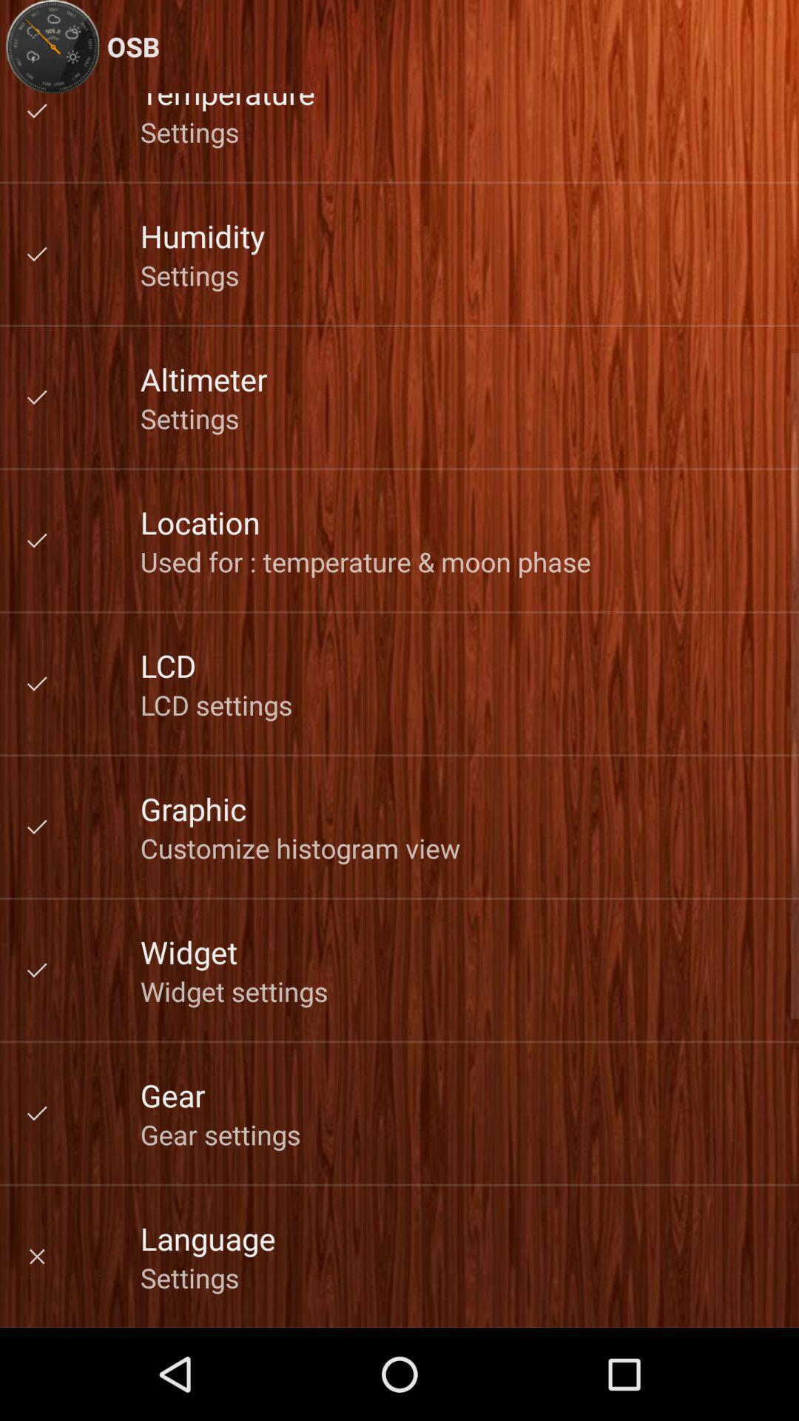 The width and height of the screenshot is (799, 1421). I want to click on the location app, so click(200, 522).